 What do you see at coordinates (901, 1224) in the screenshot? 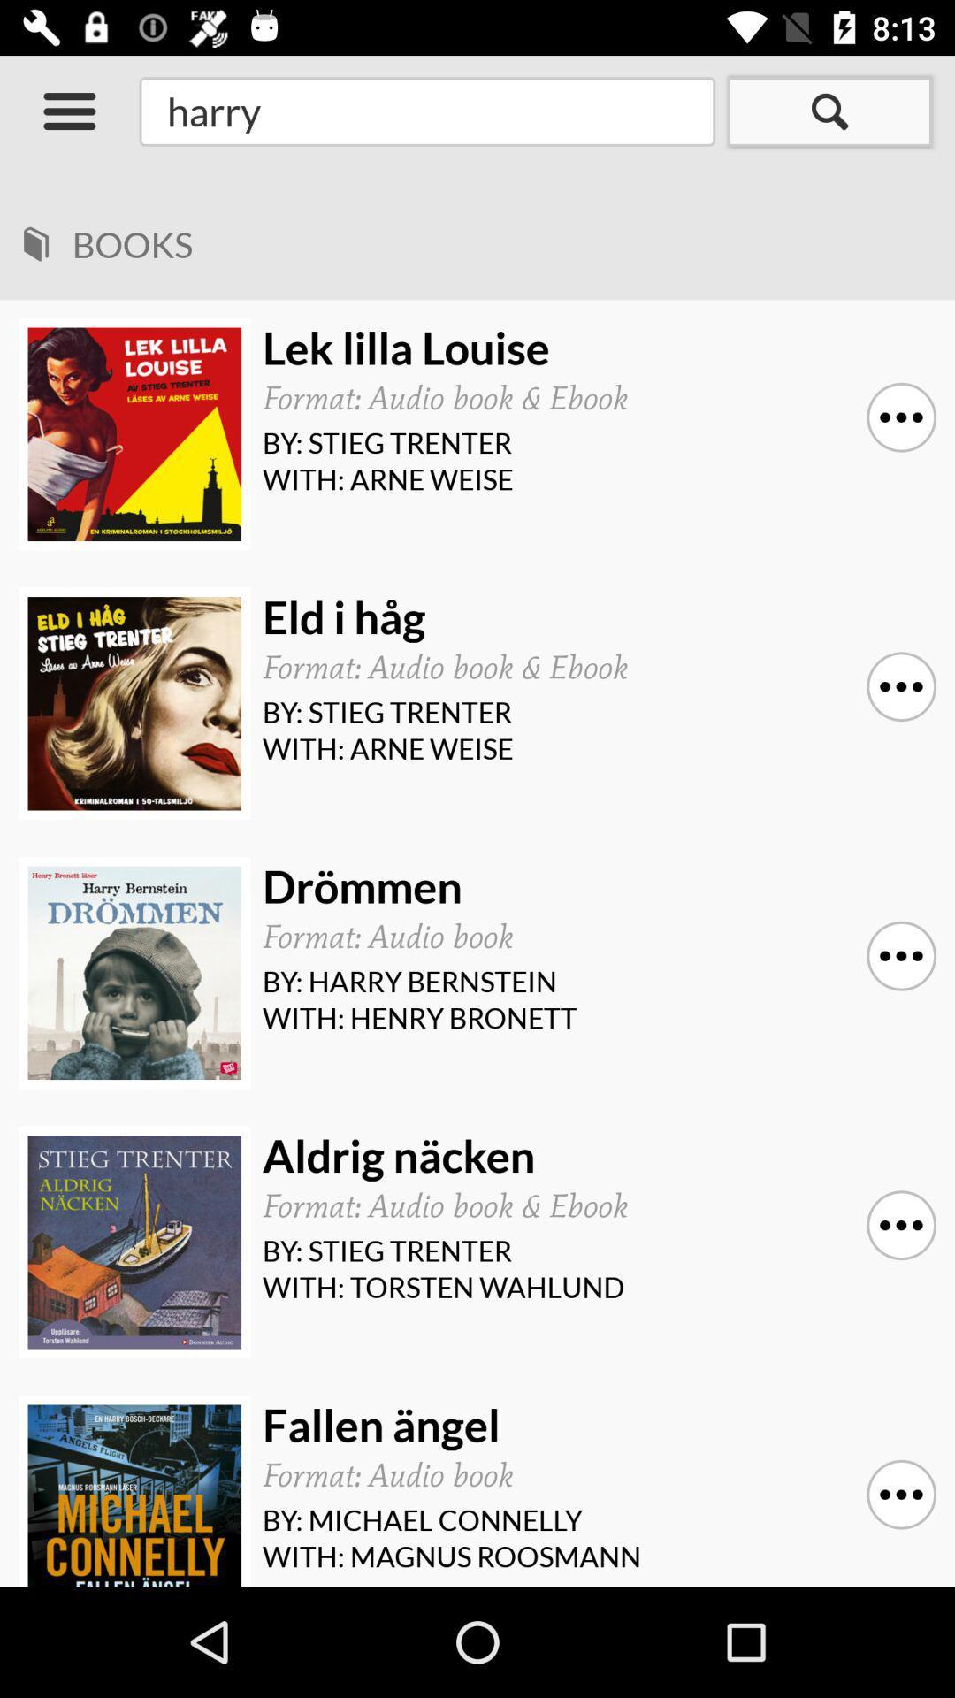
I see `the icon above with: torsten wahlund icon` at bounding box center [901, 1224].